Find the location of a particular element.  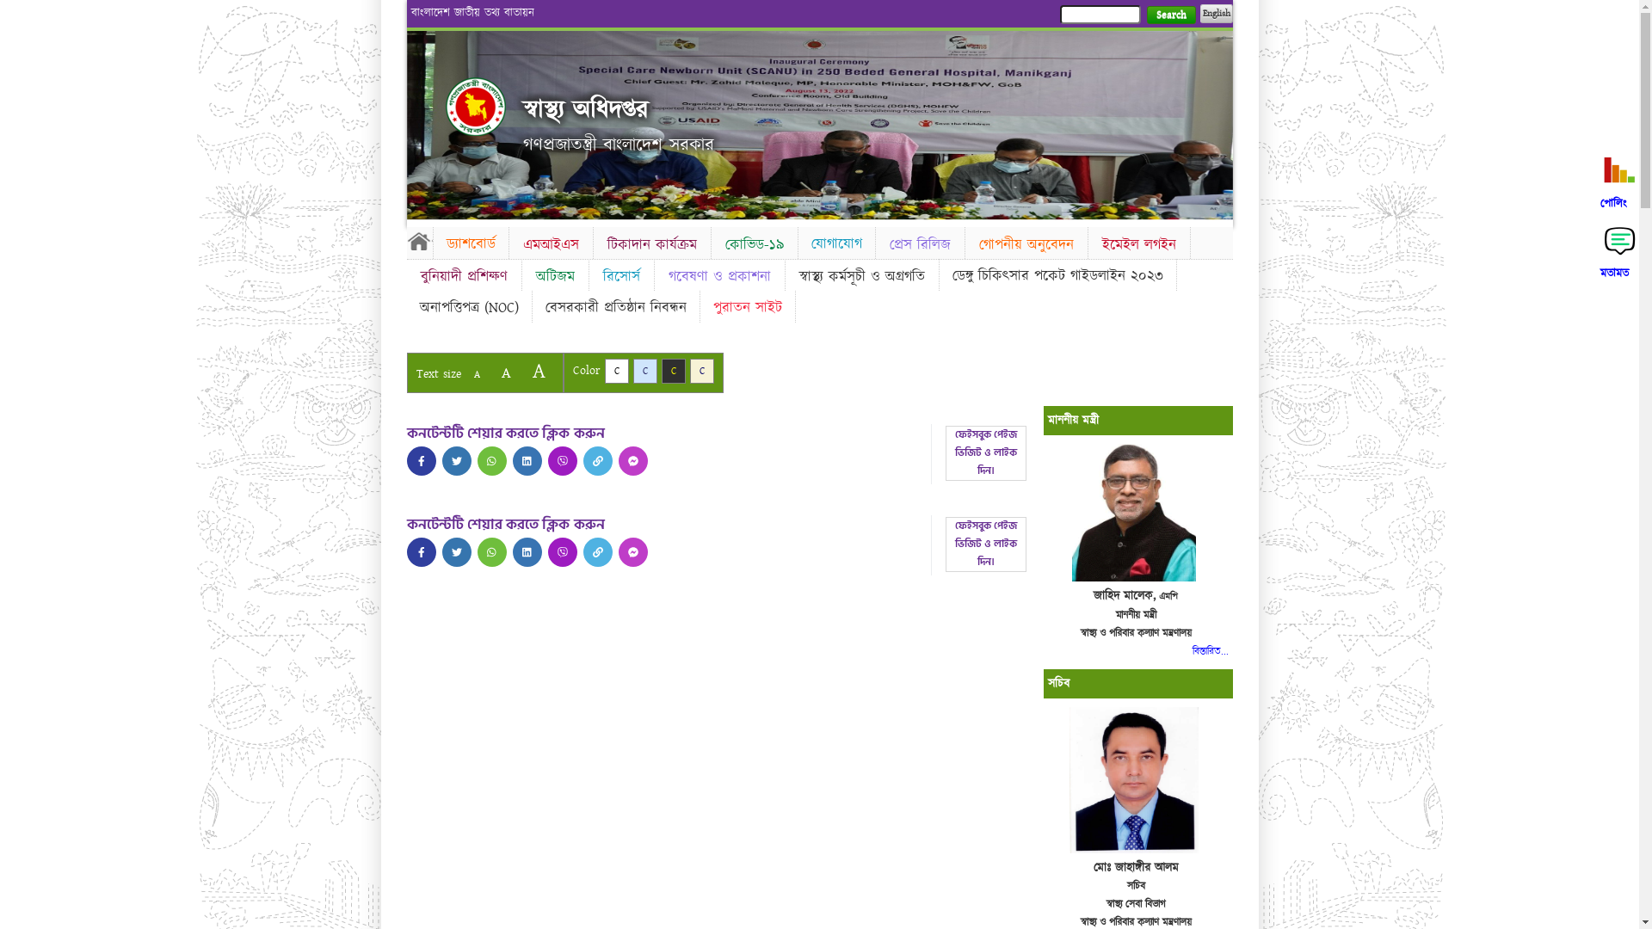

'A' is located at coordinates (476, 373).